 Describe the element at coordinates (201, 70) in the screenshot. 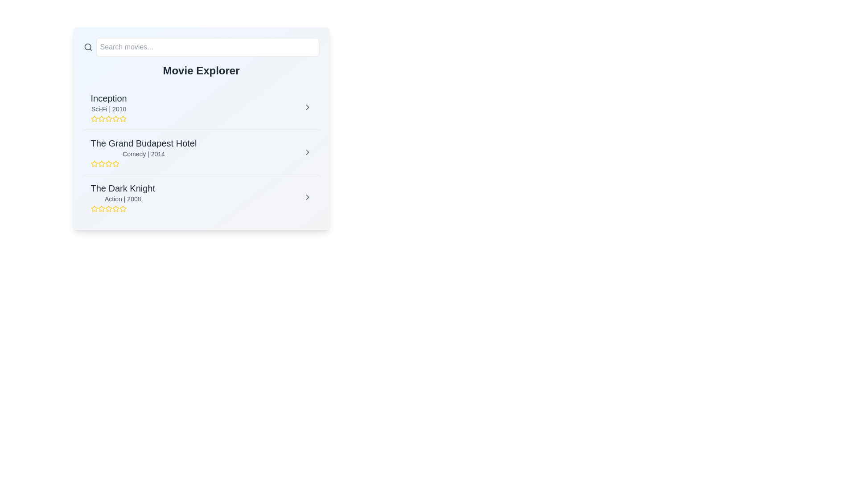

I see `the header text 'Movie Explorer'` at that location.